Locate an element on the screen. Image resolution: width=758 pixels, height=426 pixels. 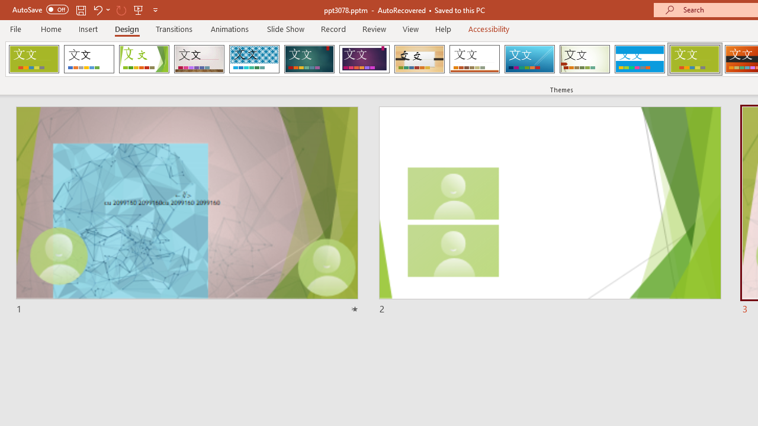
'Office Theme' is located at coordinates (88, 59).